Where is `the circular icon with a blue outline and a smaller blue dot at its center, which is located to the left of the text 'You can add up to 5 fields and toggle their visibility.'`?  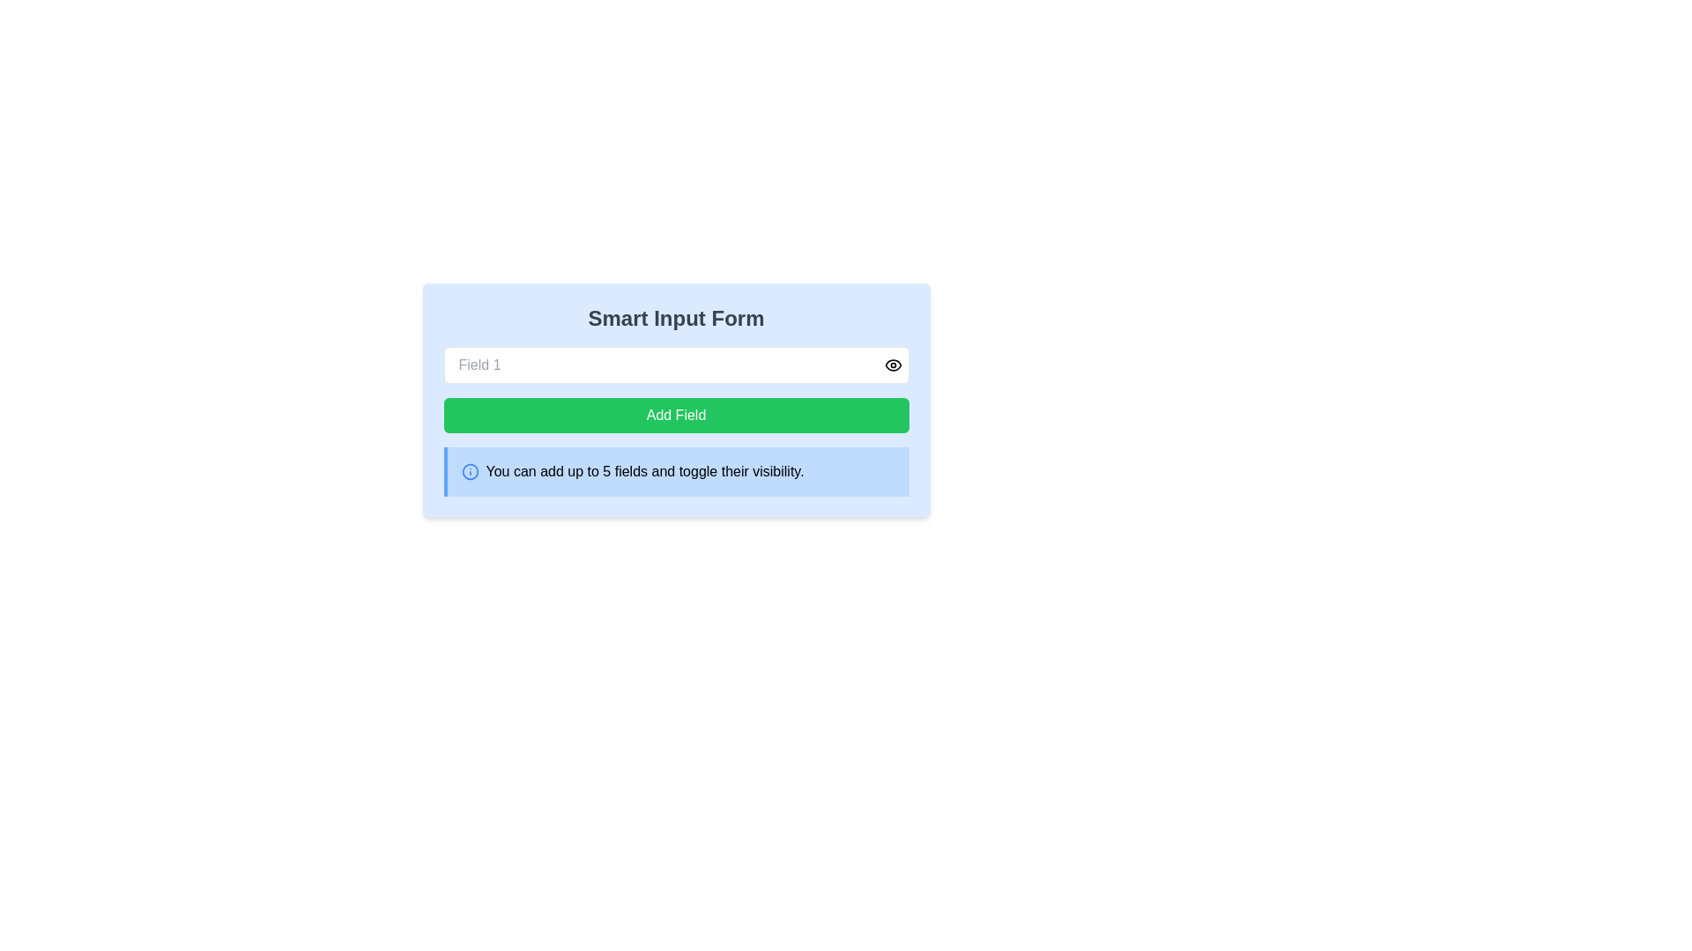 the circular icon with a blue outline and a smaller blue dot at its center, which is located to the left of the text 'You can add up to 5 fields and toggle their visibility.' is located at coordinates (470, 471).